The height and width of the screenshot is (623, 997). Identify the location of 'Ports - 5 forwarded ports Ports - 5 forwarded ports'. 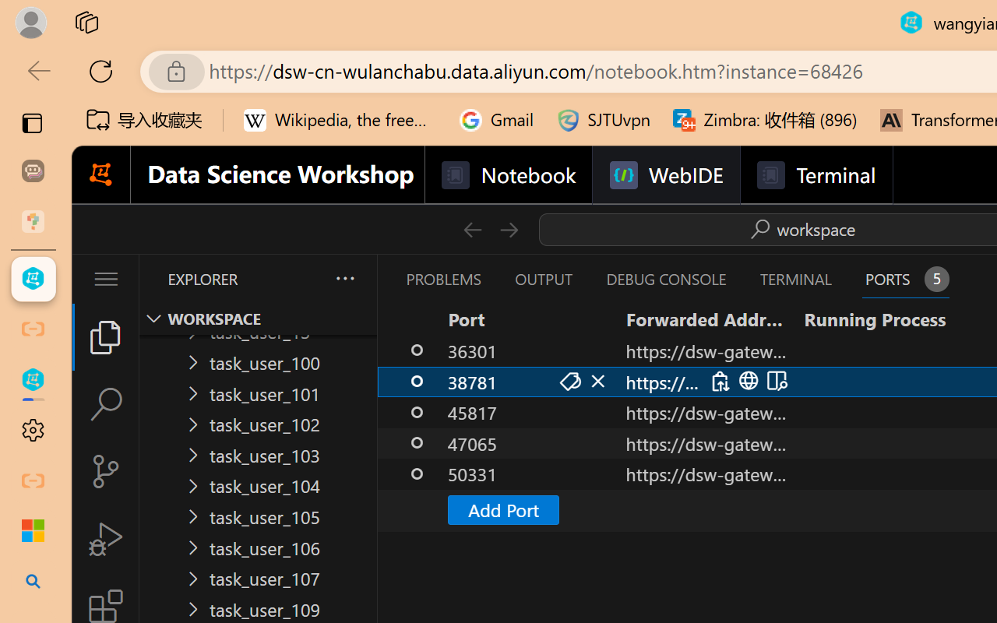
(905, 279).